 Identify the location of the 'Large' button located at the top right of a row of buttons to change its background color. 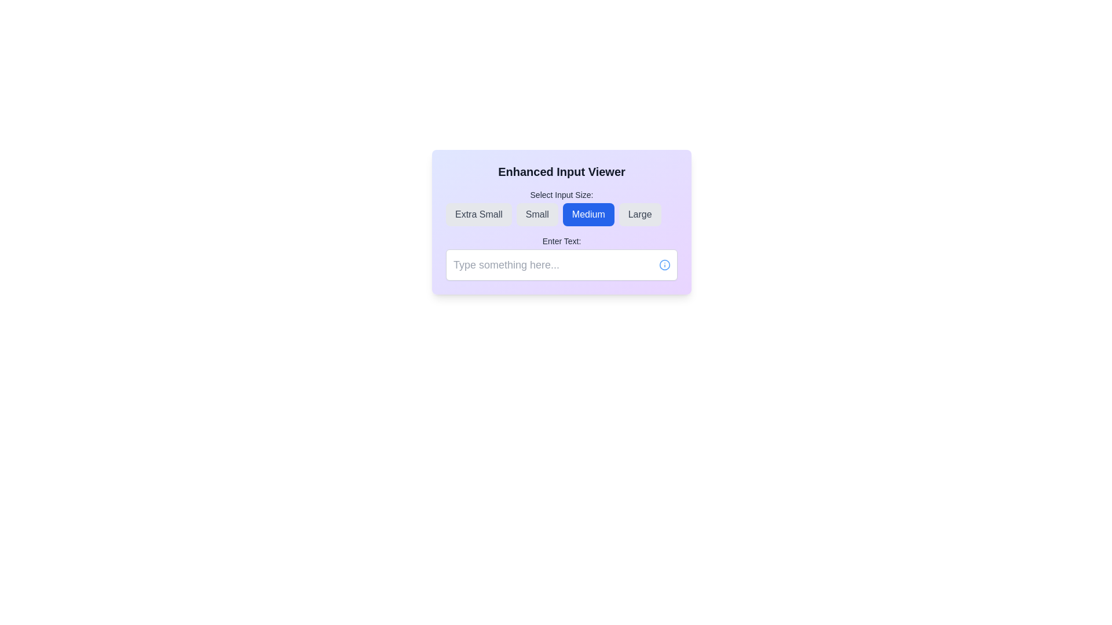
(639, 214).